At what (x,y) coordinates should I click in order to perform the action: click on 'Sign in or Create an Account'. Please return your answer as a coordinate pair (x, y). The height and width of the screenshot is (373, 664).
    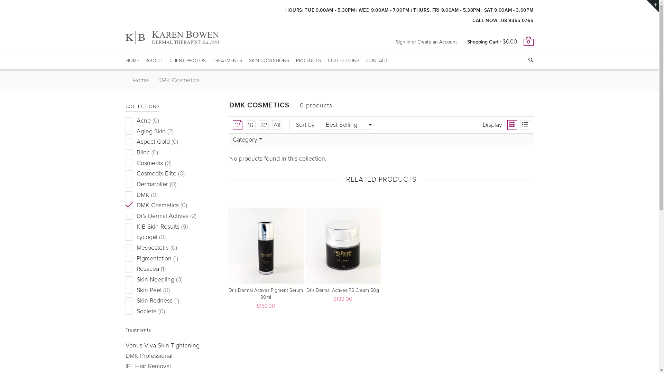
    Looking at the image, I should click on (426, 42).